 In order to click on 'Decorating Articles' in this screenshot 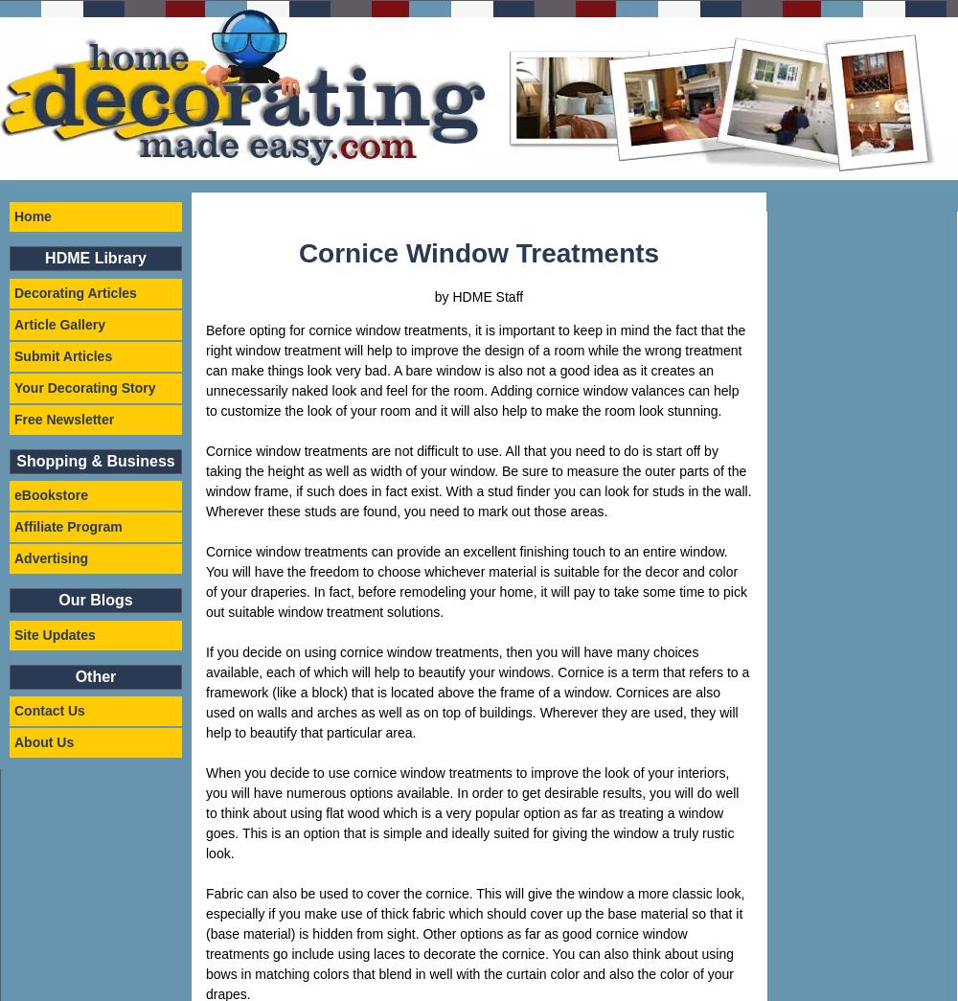, I will do `click(74, 292)`.